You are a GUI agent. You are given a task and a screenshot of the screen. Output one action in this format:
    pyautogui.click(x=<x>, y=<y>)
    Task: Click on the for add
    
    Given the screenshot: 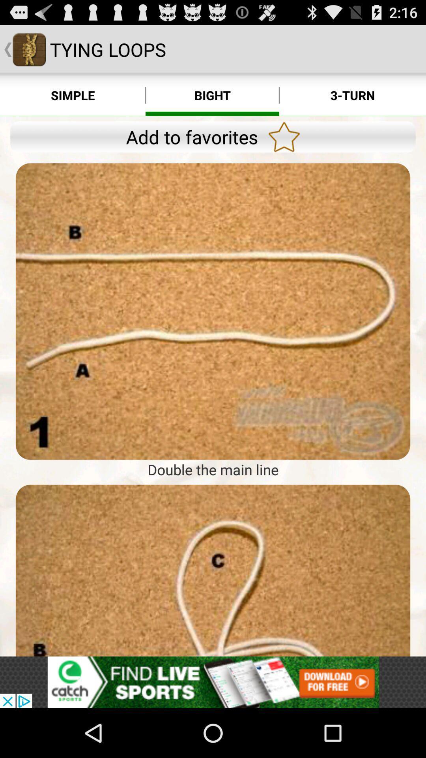 What is the action you would take?
    pyautogui.click(x=213, y=311)
    